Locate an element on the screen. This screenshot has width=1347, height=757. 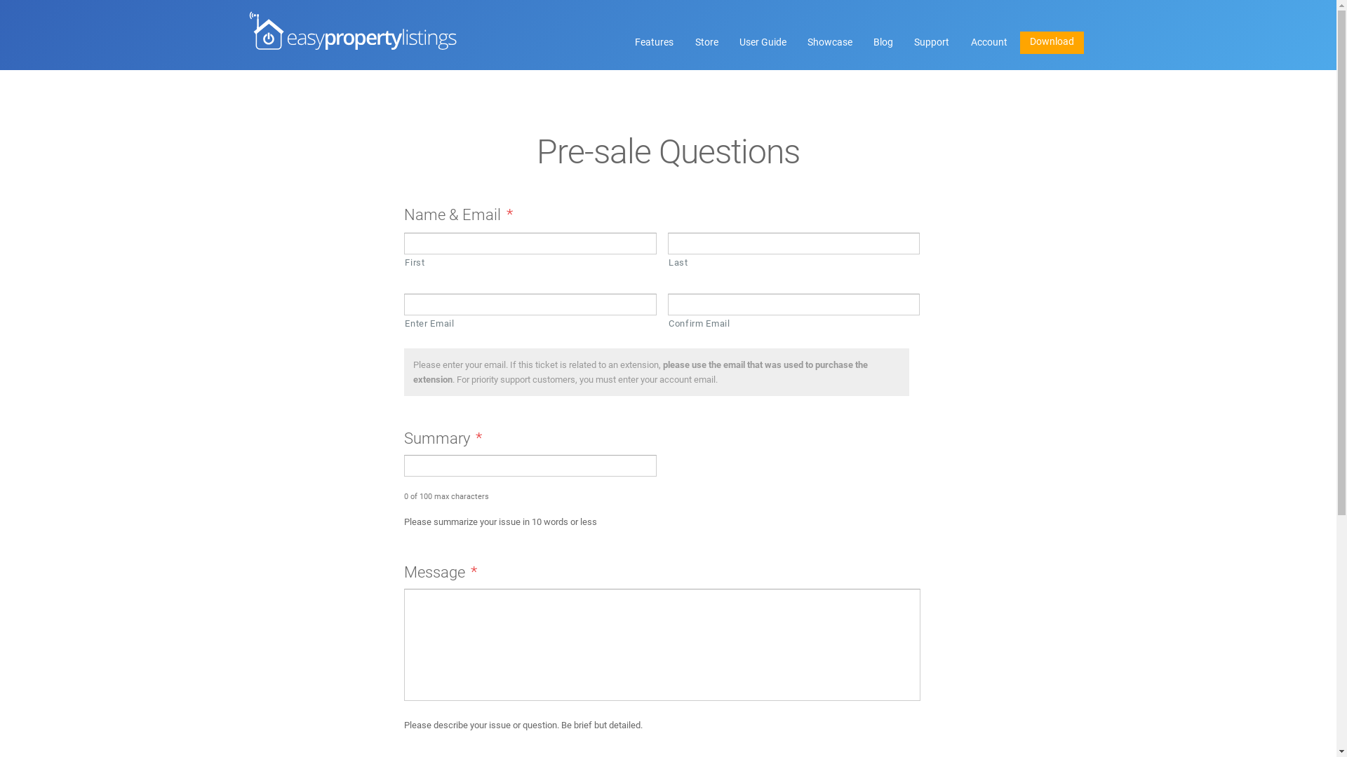
'Easy Property Listings' is located at coordinates (352, 30).